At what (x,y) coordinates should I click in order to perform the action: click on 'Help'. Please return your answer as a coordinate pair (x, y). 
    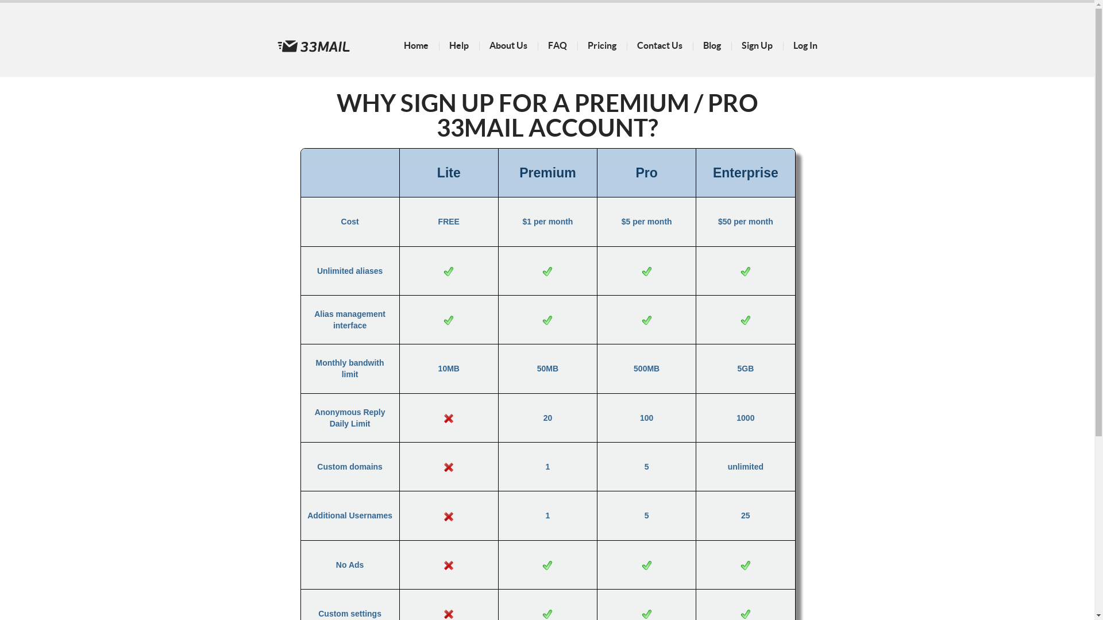
    Looking at the image, I should click on (458, 44).